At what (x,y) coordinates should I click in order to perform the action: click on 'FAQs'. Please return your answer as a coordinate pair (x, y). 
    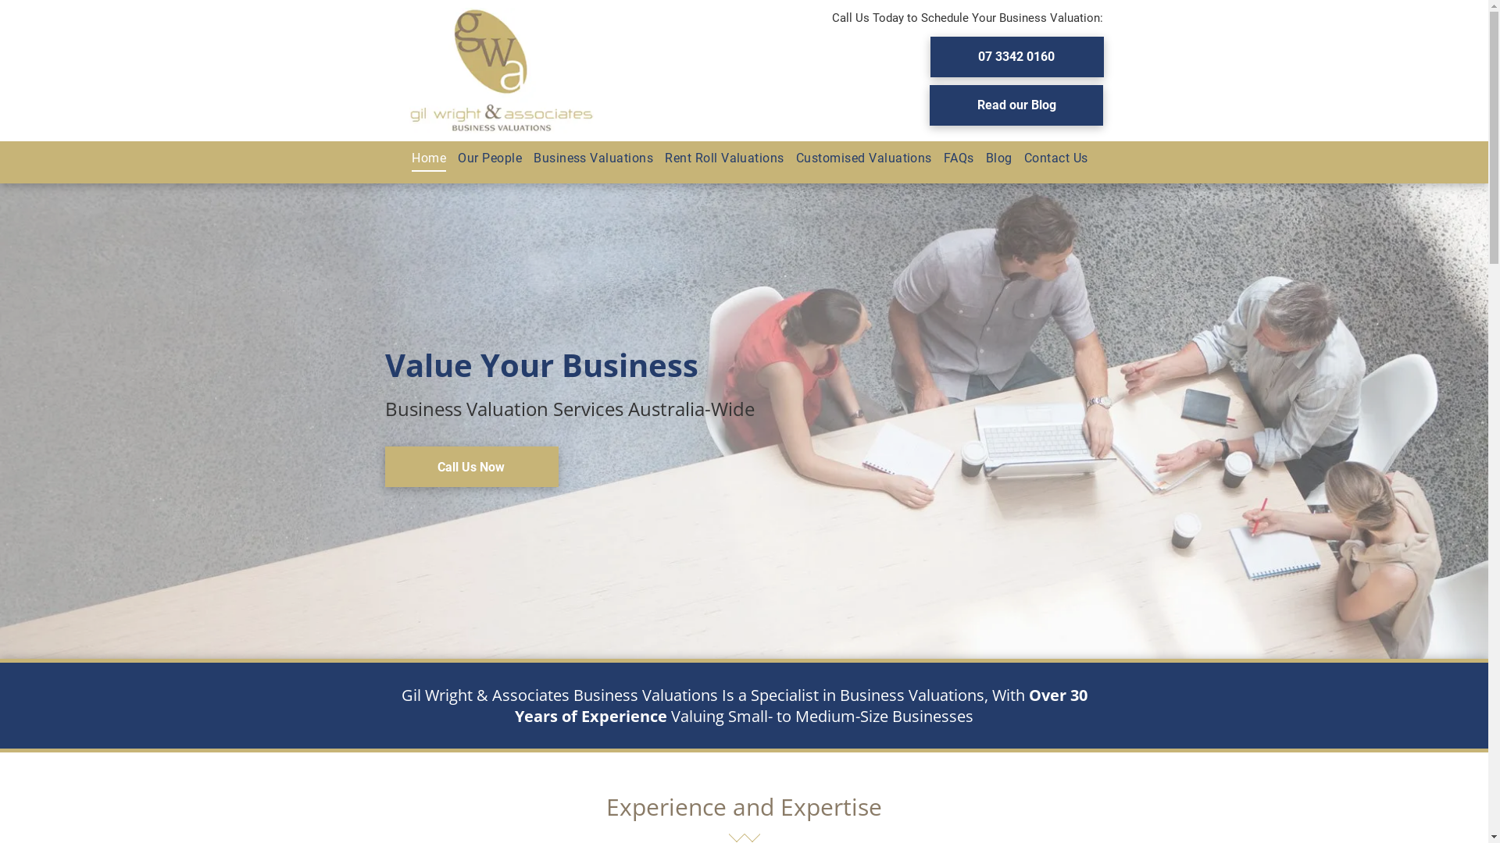
    Looking at the image, I should click on (952, 158).